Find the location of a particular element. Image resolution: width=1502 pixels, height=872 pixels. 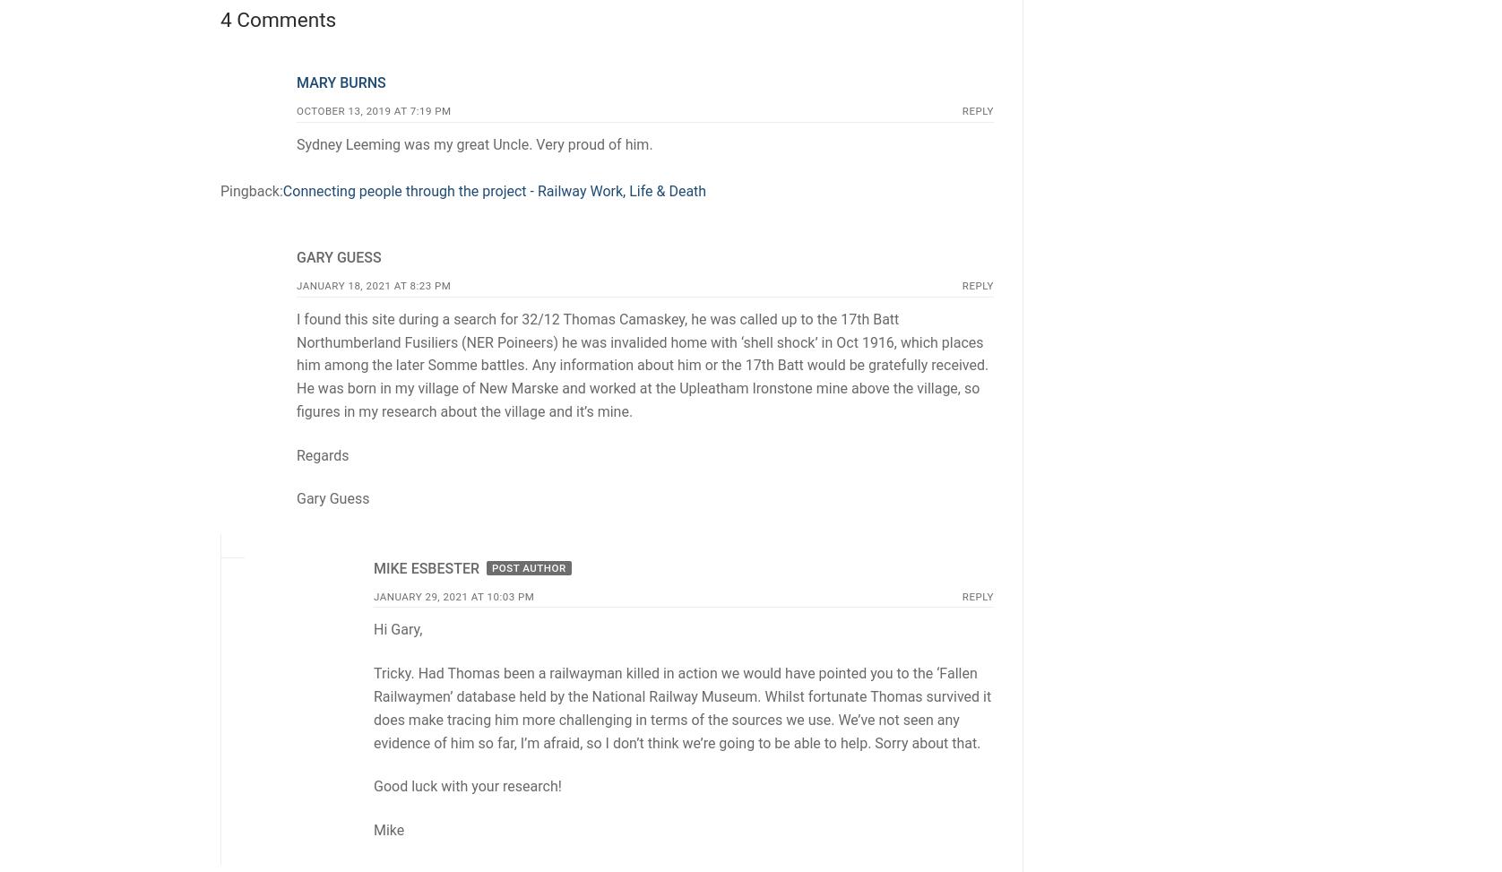

'January 18, 2021 at 8:23 pm' is located at coordinates (372, 284).